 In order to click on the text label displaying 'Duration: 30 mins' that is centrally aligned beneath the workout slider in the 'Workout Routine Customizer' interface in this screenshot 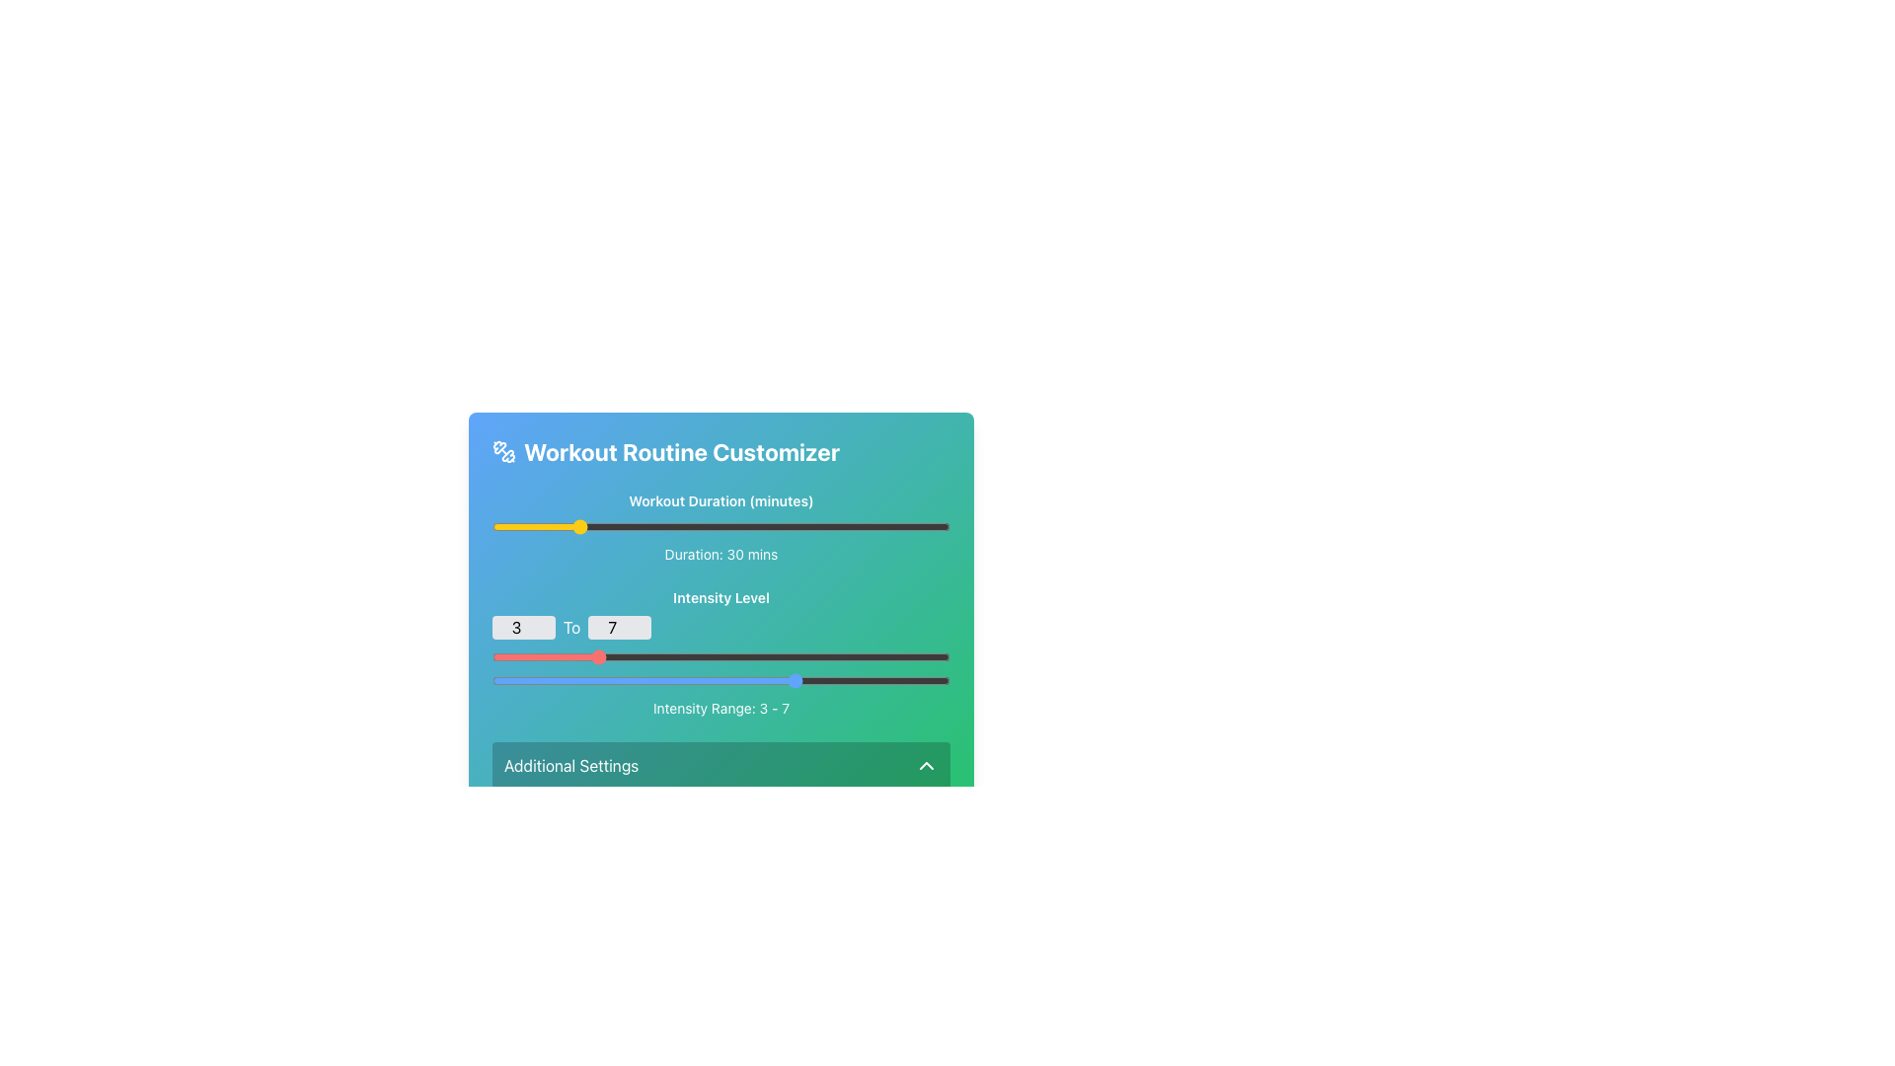, I will do `click(720, 555)`.